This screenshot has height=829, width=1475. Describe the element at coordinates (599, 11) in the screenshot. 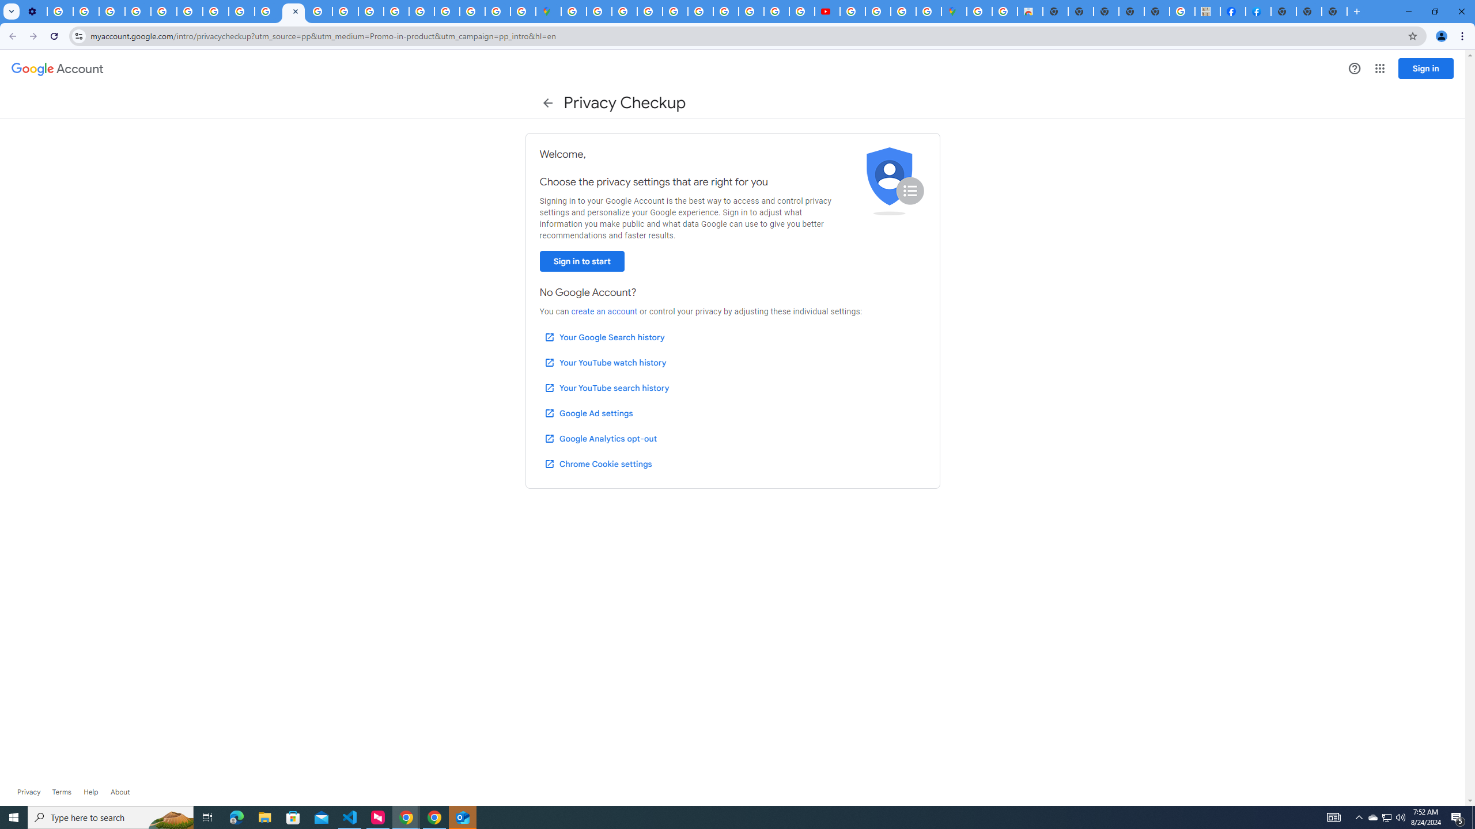

I see `'Sign in - Google Accounts'` at that location.